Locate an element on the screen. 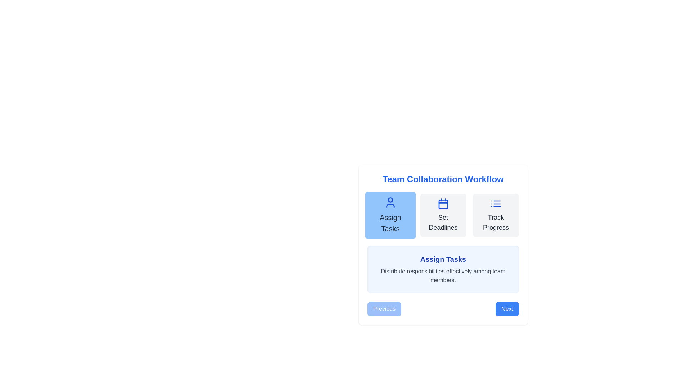 This screenshot has height=389, width=691. text content displayed in gray font: 'Distribute responsibilities effectively among team members.' located within the light blue section titled 'Assign Tasks.' is located at coordinates (443, 276).